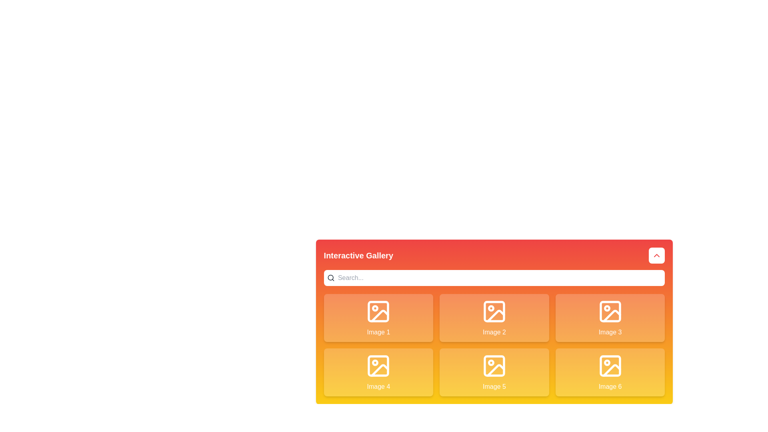  Describe the element at coordinates (358, 256) in the screenshot. I see `header text labeled 'Interactive Gallery' located at the top left of the interface, above the search input` at that location.